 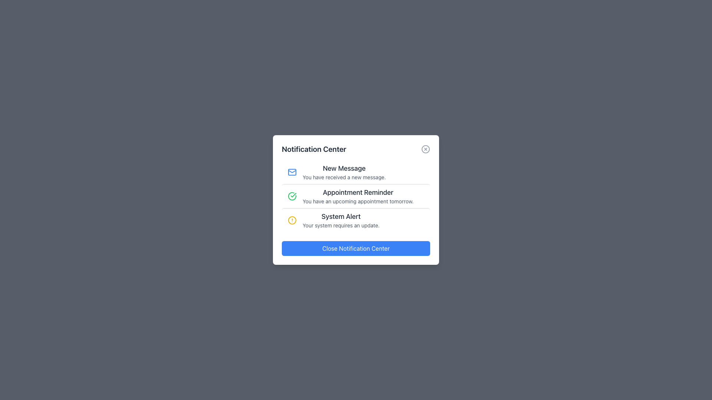 What do you see at coordinates (291, 171) in the screenshot?
I see `the triangular-shaped graphical feature of the envelope icon, which is outlined in blue and located in the upper left section of the notification card` at bounding box center [291, 171].